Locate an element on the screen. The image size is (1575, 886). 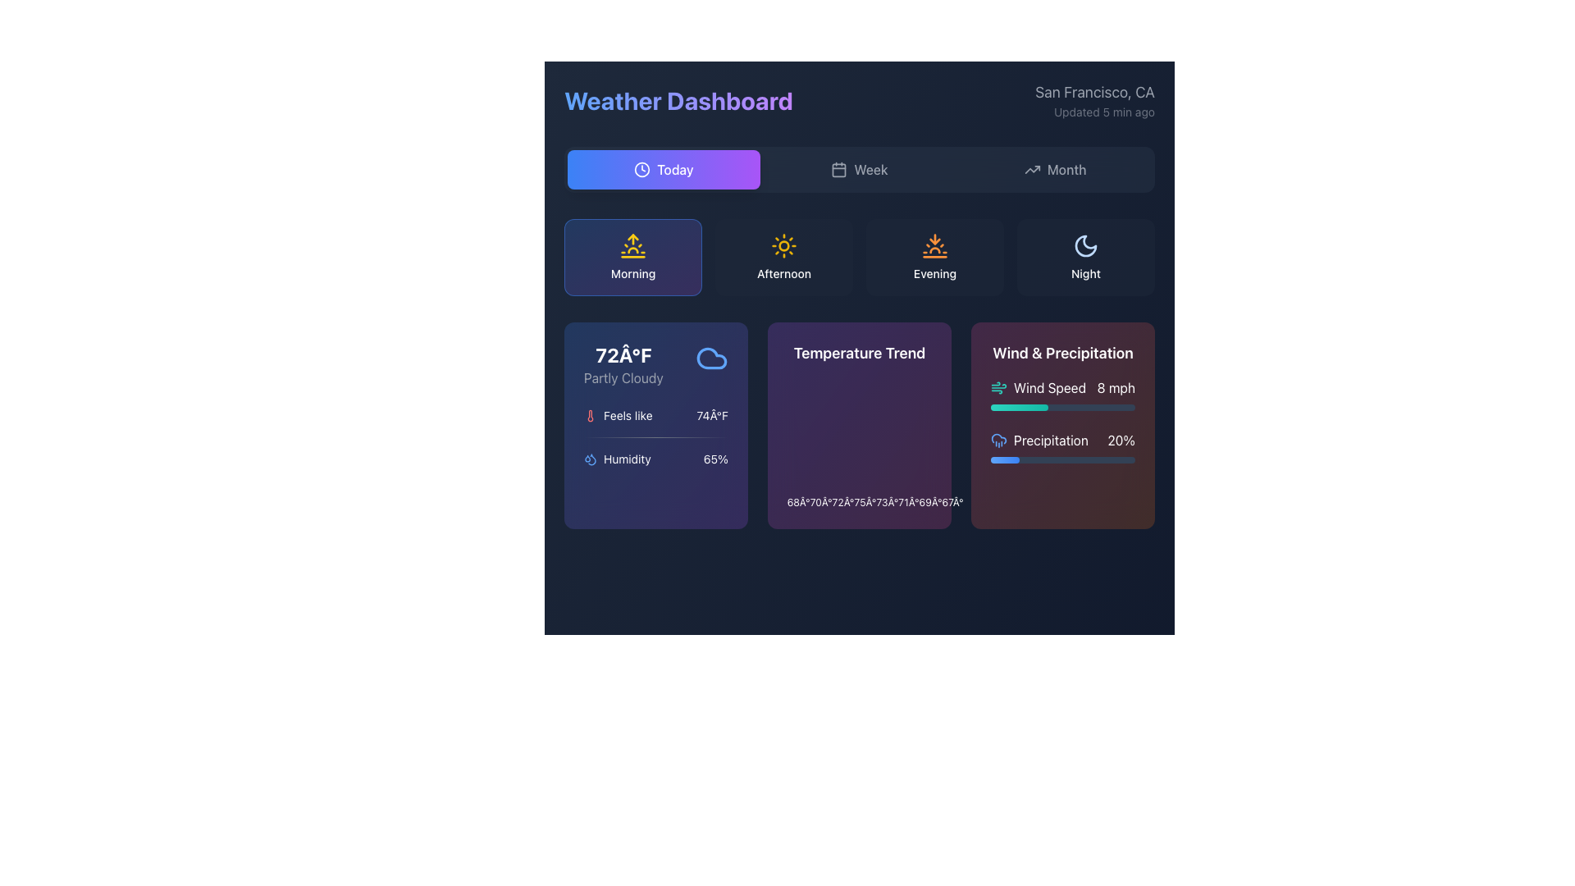
temperature value displayed in the central text label of the 'Temperature Trend' widget, which is the fourth value from the left is located at coordinates (843, 502).